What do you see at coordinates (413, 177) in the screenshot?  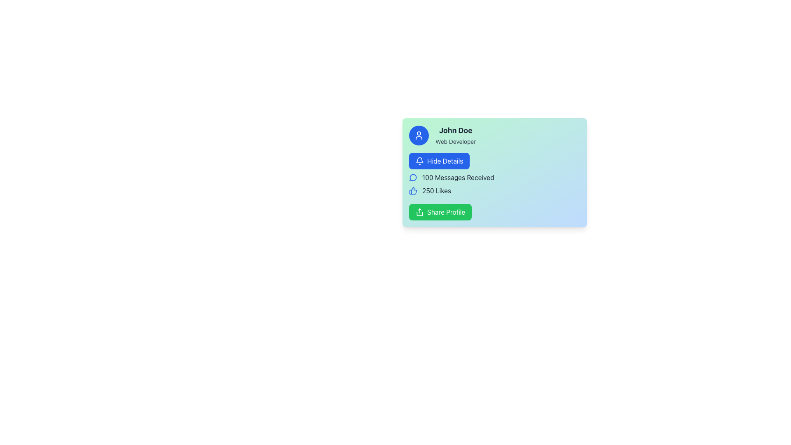 I see `the decorative icon representing '100 Messages Received', located to the left of the text and aligned vertically with similar items` at bounding box center [413, 177].